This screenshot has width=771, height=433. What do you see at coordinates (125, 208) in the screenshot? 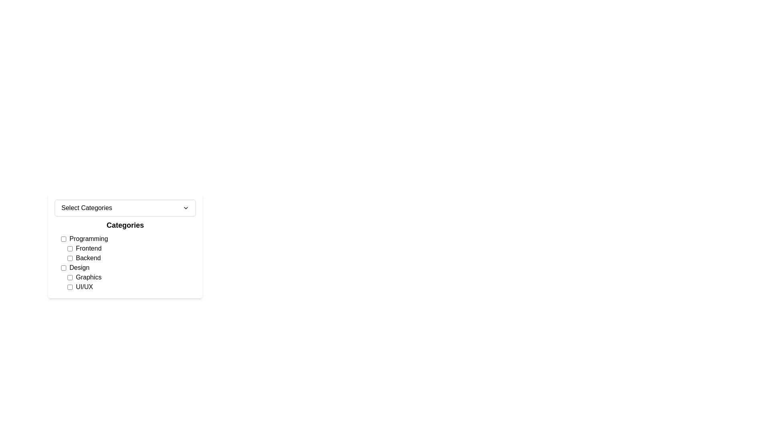
I see `the 'Select Categories' dropdown menu` at bounding box center [125, 208].